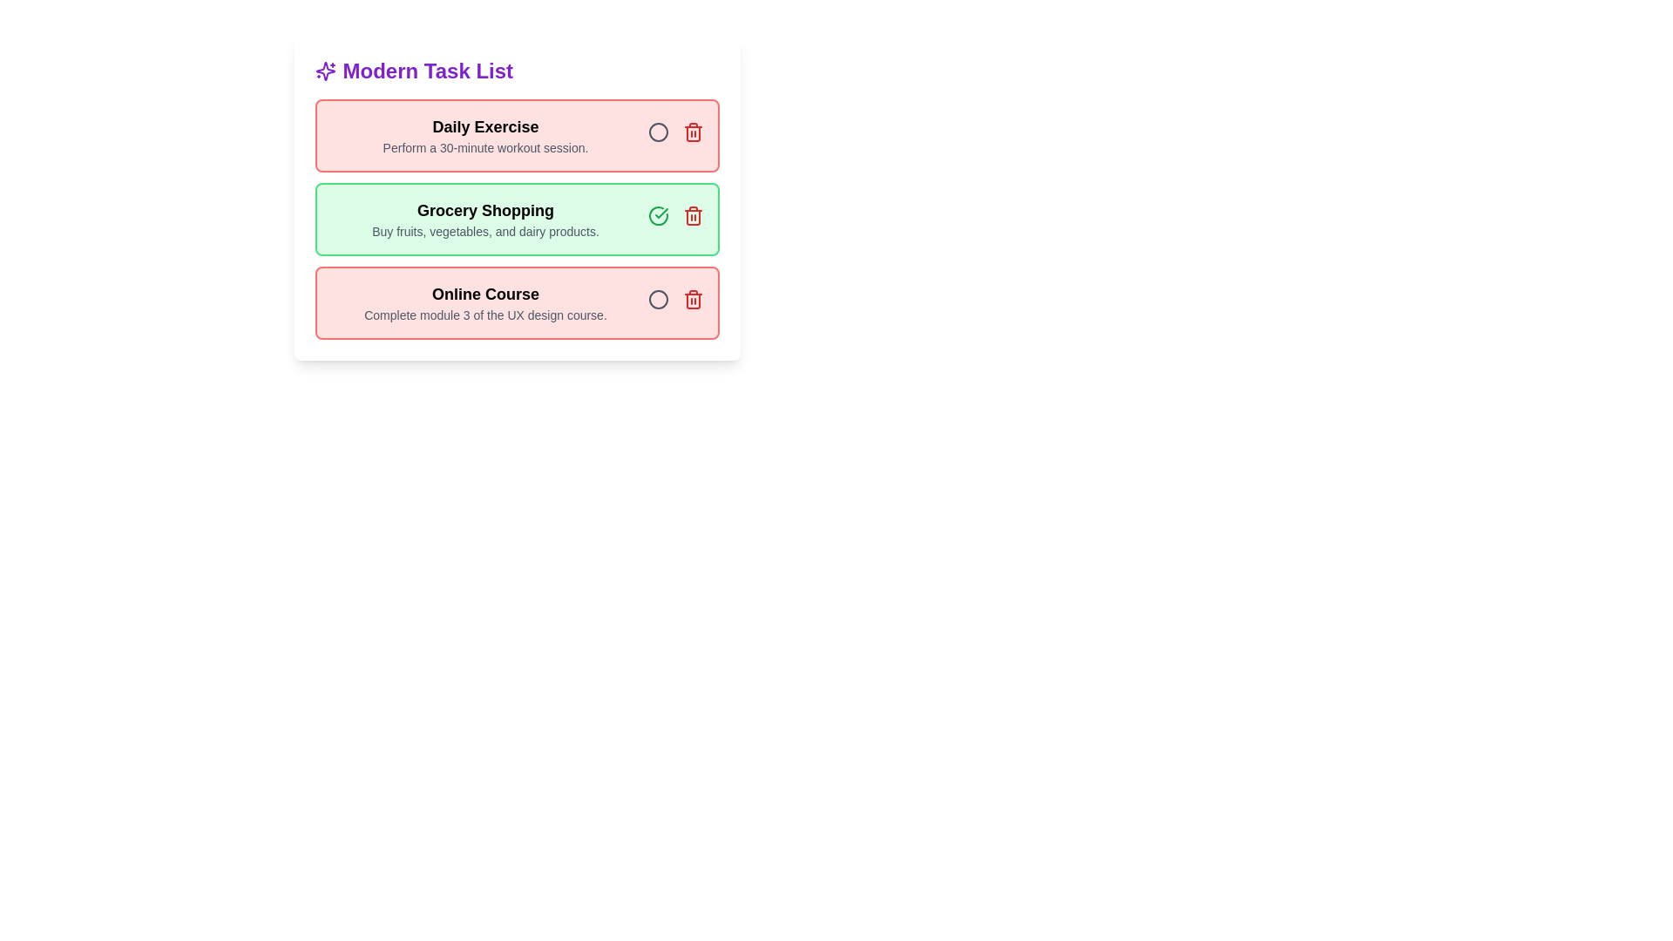 The height and width of the screenshot is (941, 1673). I want to click on delete button for the task titled 'Grocery Shopping', so click(692, 214).